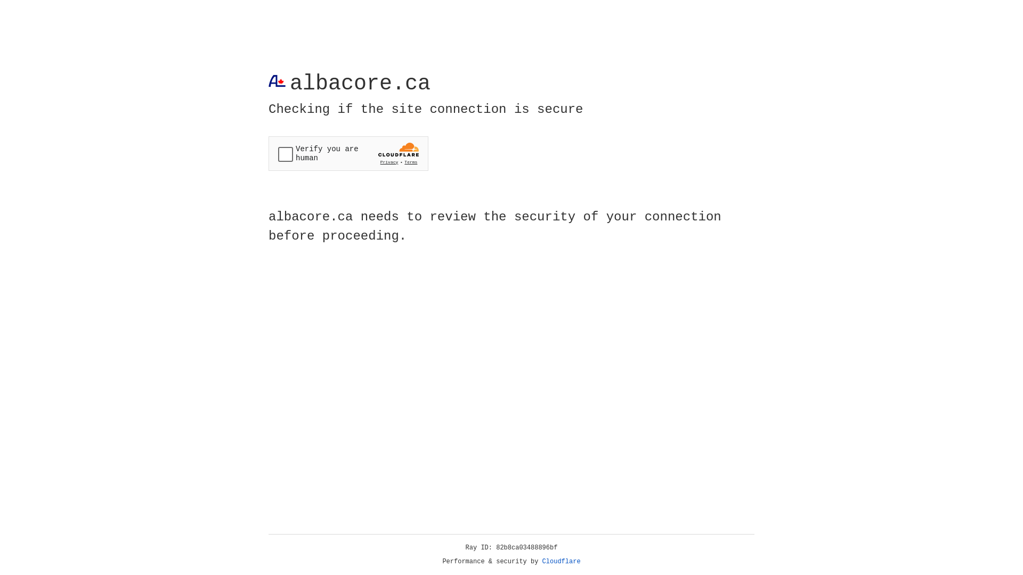 The width and height of the screenshot is (1023, 575). Describe the element at coordinates (348, 153) in the screenshot. I see `'Widget containing a Cloudflare security challenge'` at that location.